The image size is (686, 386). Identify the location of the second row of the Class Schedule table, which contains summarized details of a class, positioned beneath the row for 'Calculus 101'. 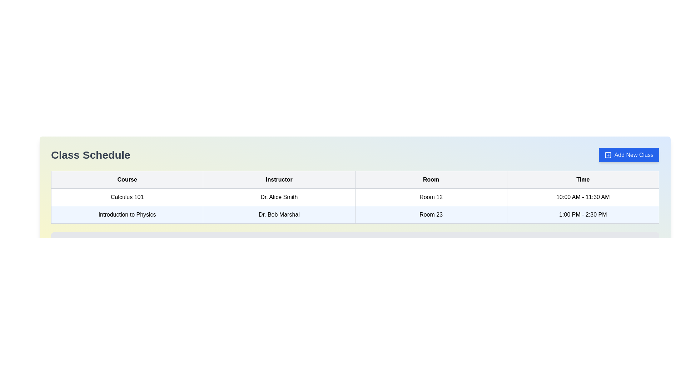
(355, 214).